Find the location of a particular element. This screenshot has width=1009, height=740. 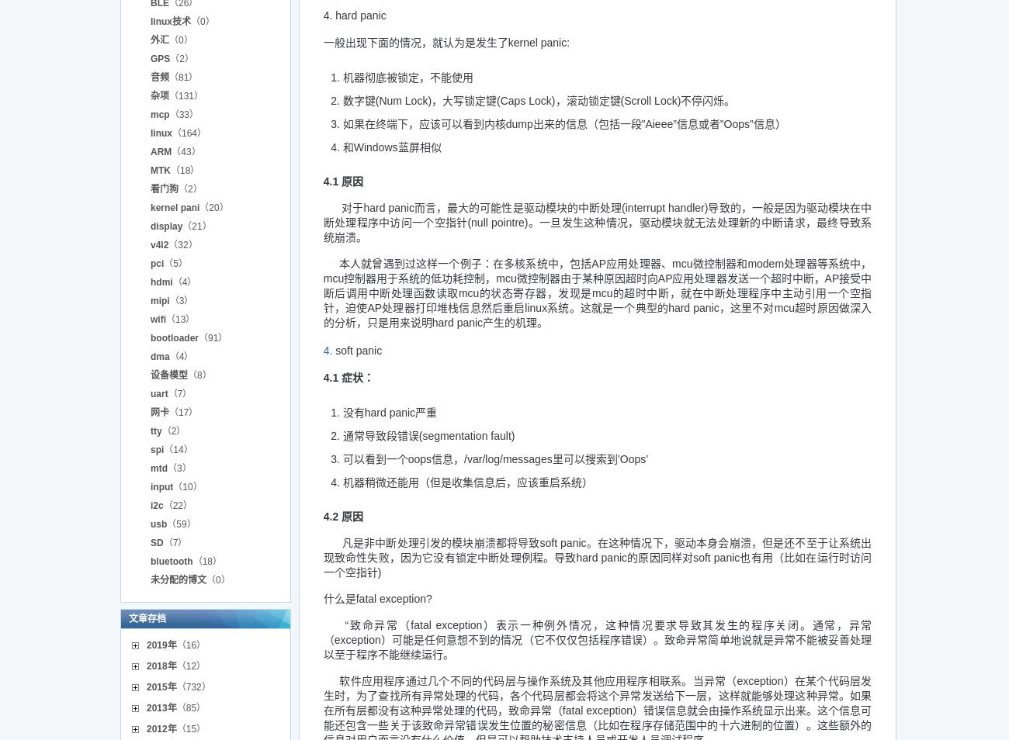

'没有hard panic严重' is located at coordinates (390, 412).